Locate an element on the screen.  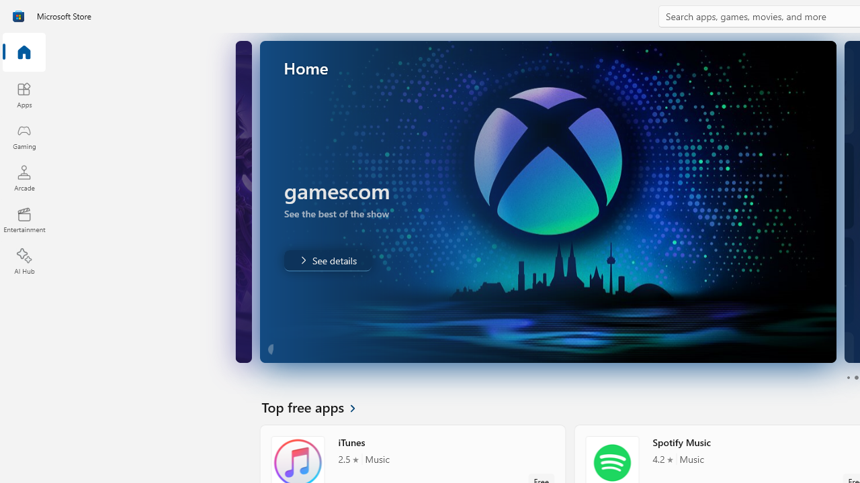
'Page 1' is located at coordinates (847, 378).